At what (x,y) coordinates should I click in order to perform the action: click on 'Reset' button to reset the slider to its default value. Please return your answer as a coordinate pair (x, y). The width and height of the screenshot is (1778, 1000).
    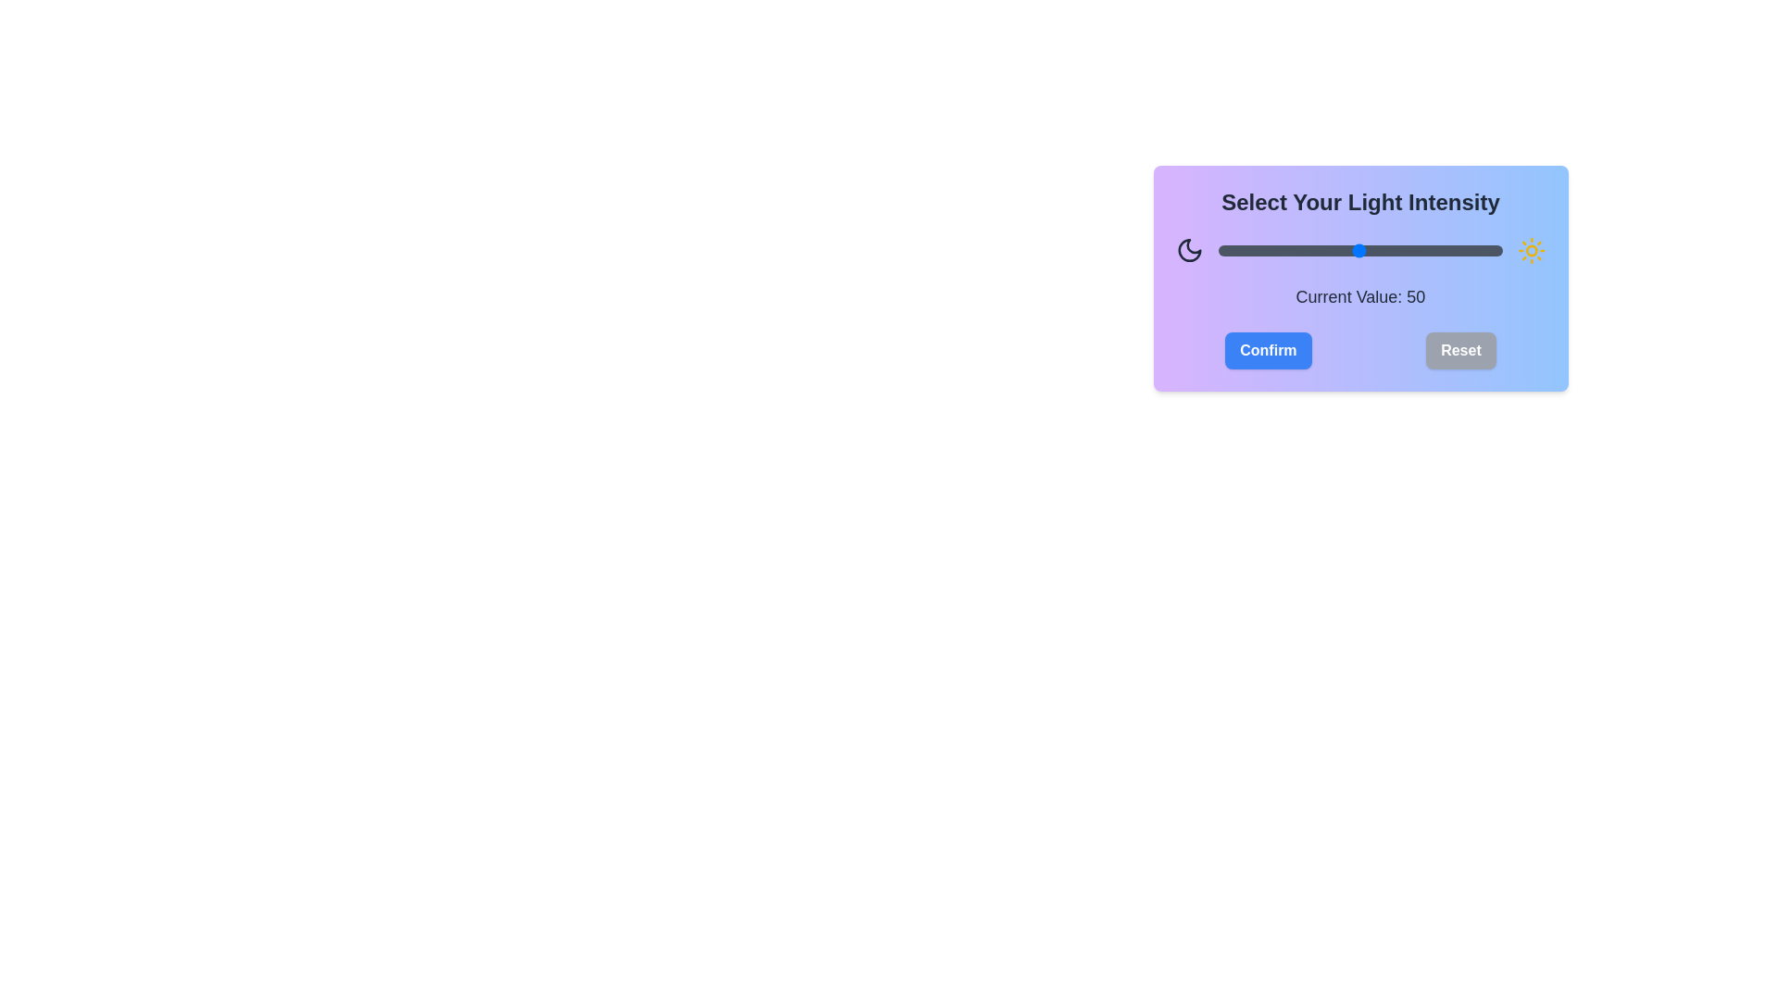
    Looking at the image, I should click on (1459, 350).